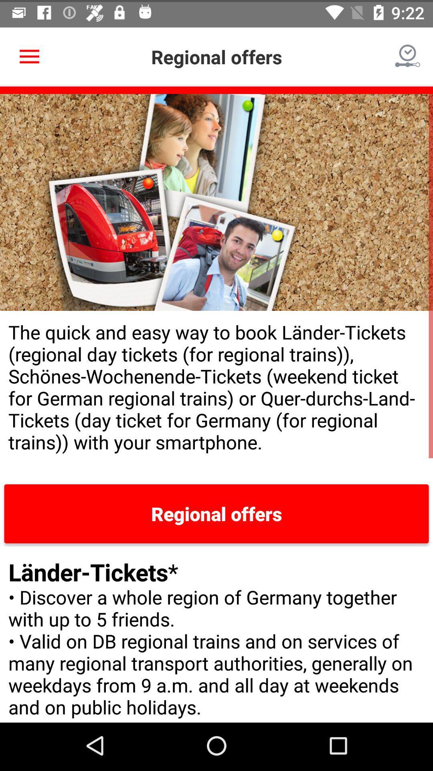 Image resolution: width=433 pixels, height=771 pixels. I want to click on the icon to the left of the regional offers icon, so click(29, 54).